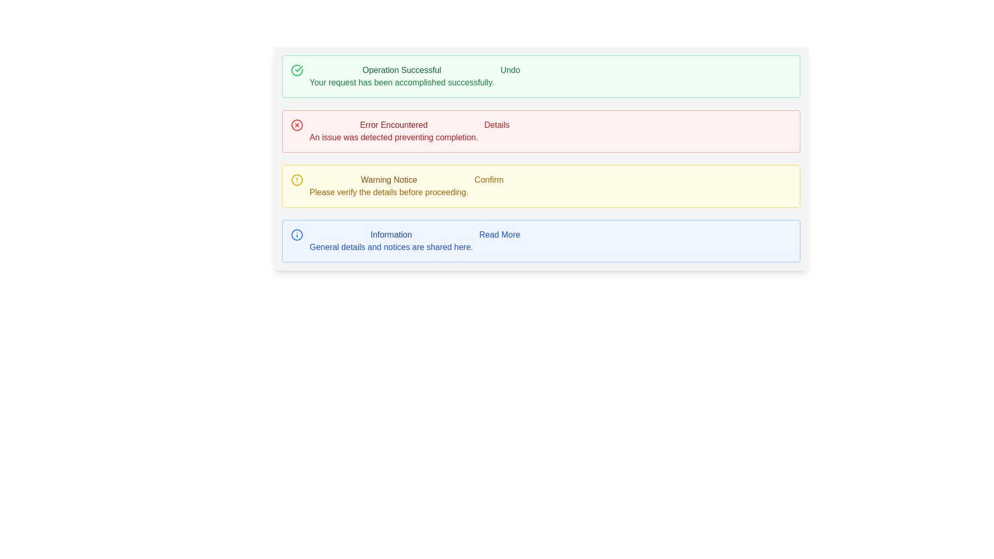 Image resolution: width=994 pixels, height=559 pixels. What do you see at coordinates (401, 76) in the screenshot?
I see `the static notification message displaying 'Operation Successful' in a green-themed rectangular box located between a check icon and an 'Undo' button` at bounding box center [401, 76].